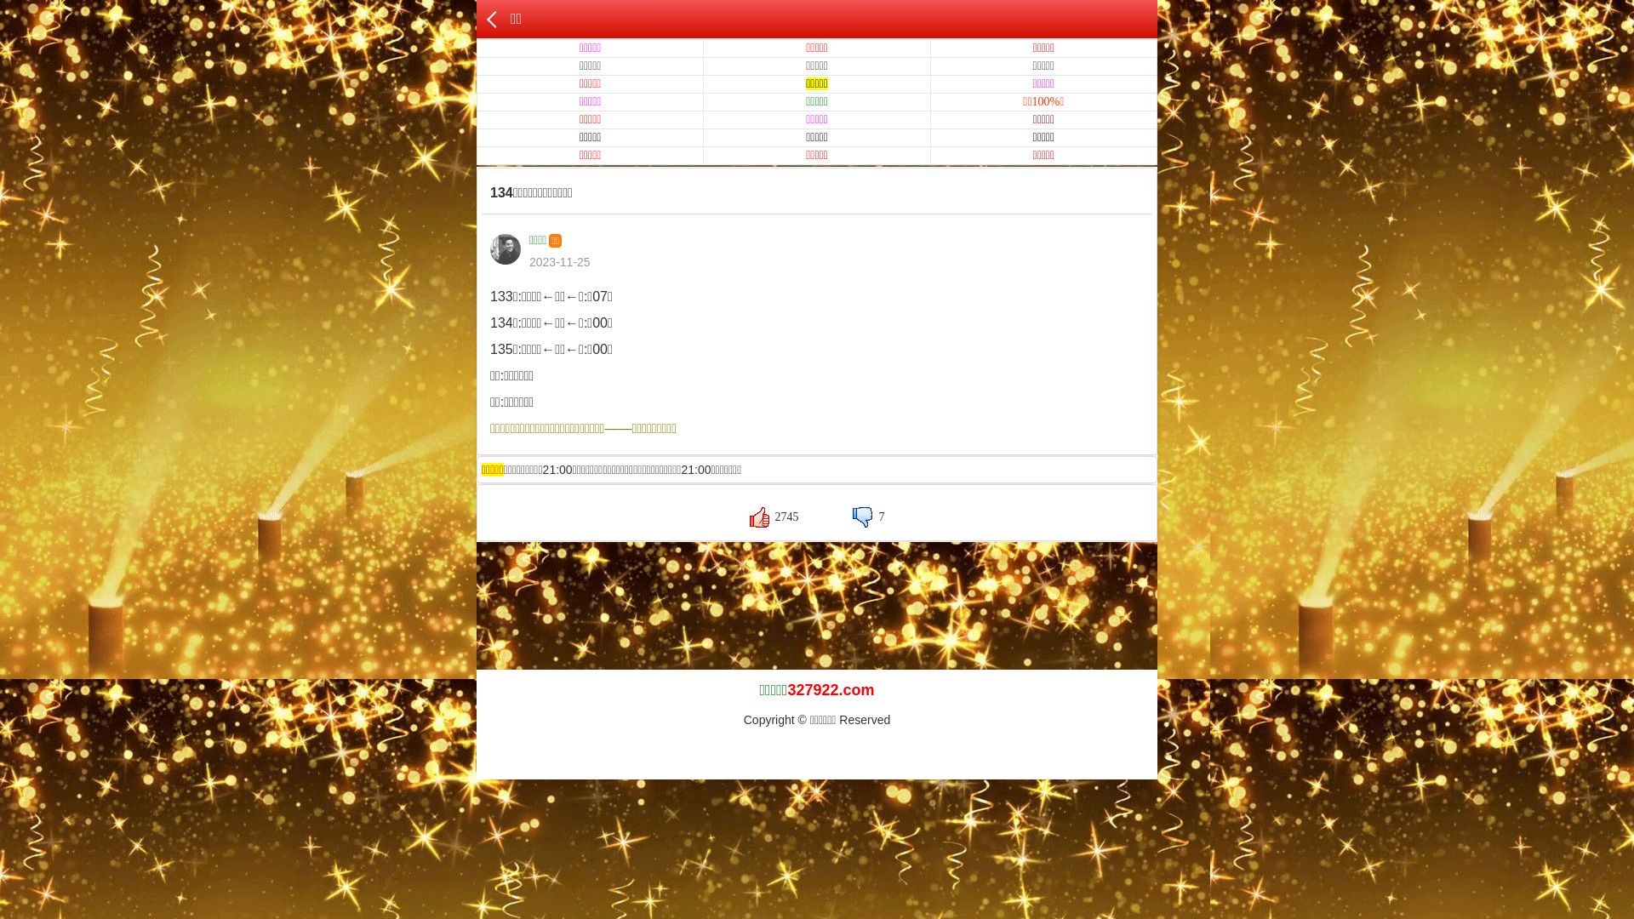 The image size is (1634, 919). I want to click on '2745', so click(774, 516).